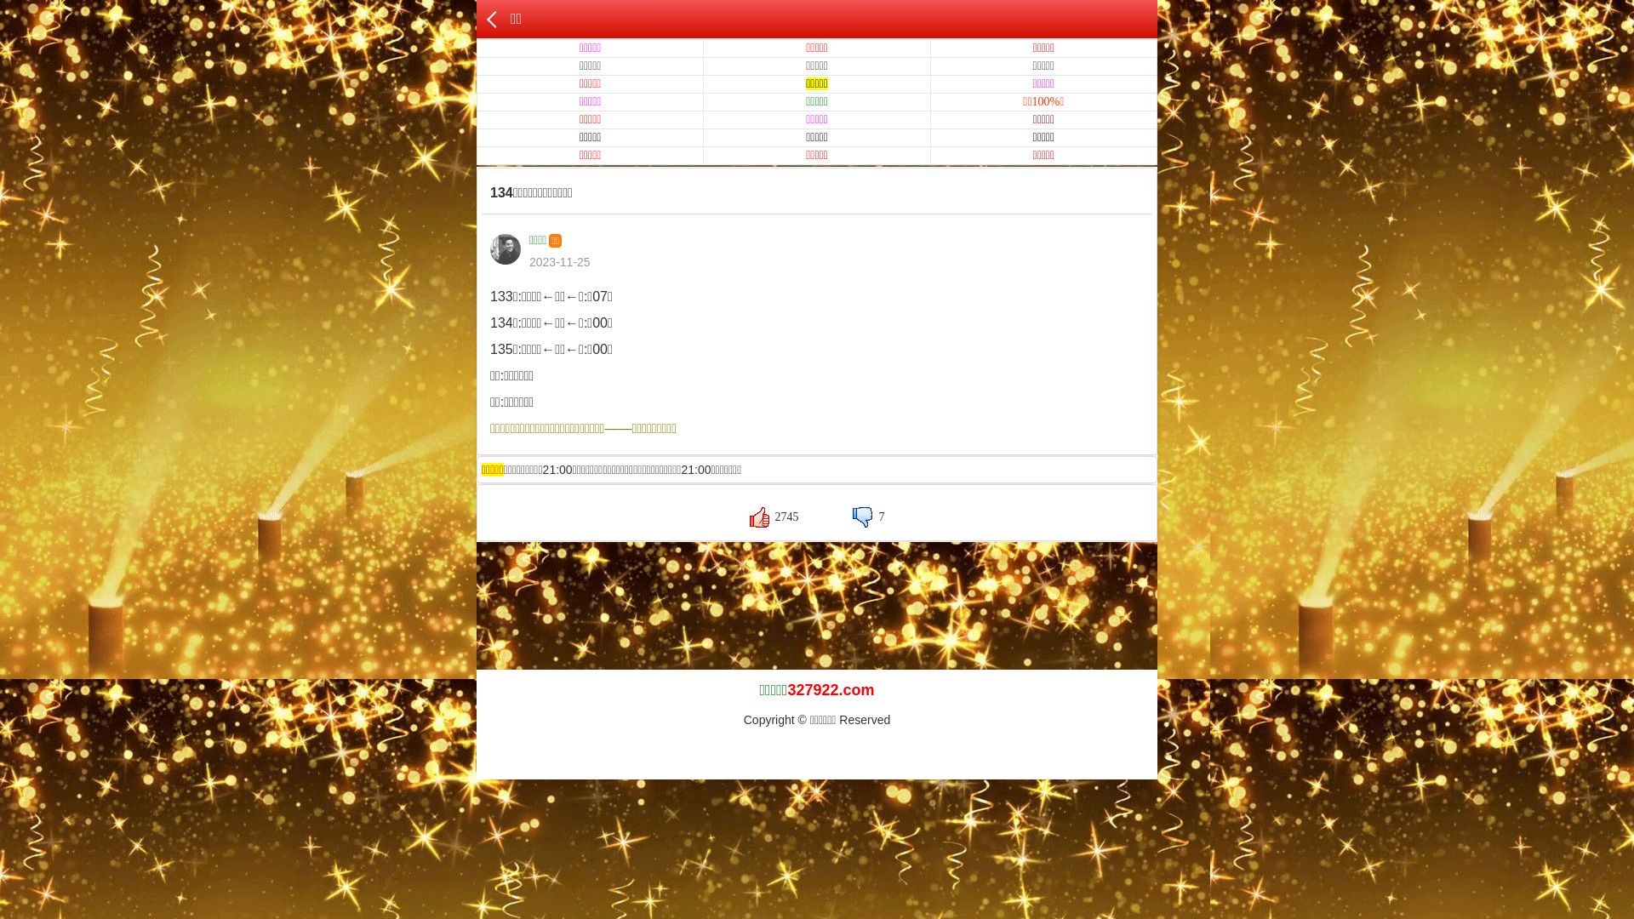 The image size is (1634, 919). I want to click on '2745', so click(774, 516).